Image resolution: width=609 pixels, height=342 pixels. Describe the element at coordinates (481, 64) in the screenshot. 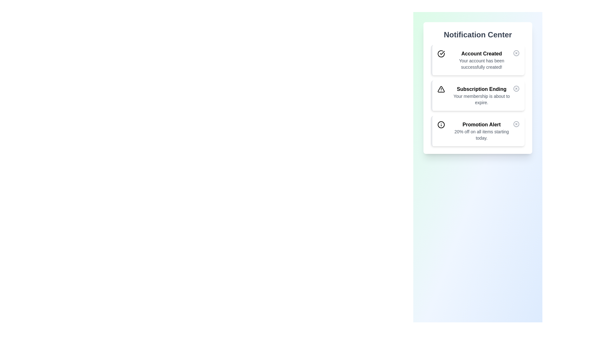

I see `the static text element that reads 'Your account has been successfully created!', which is styled in gray and located under the bold title 'Account Created' in the Notification Center` at that location.